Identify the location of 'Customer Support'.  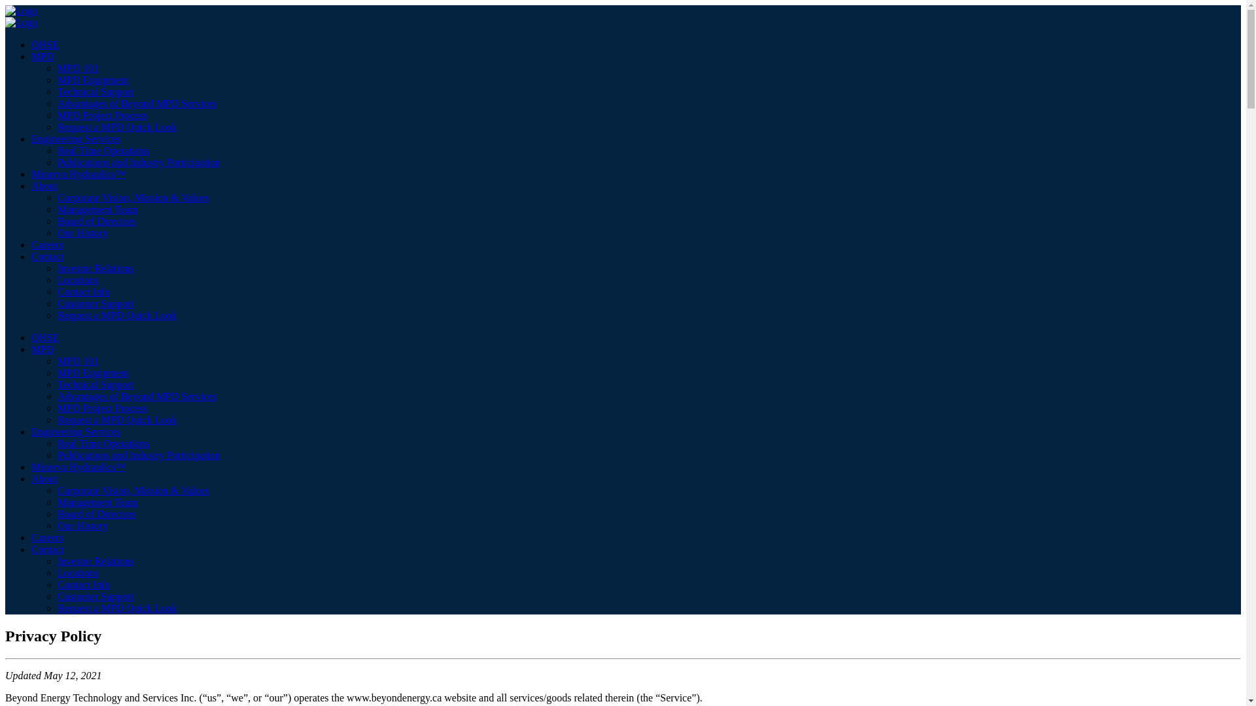
(95, 303).